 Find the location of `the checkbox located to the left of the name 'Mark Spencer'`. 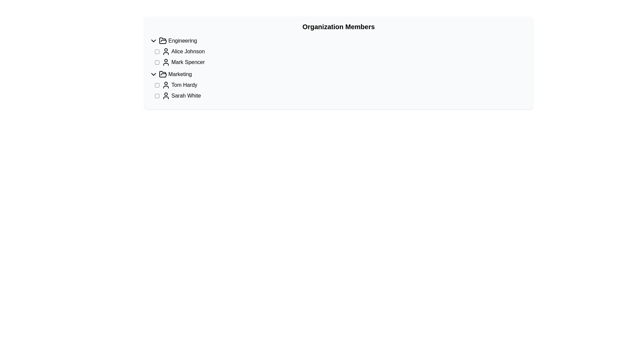

the checkbox located to the left of the name 'Mark Spencer' is located at coordinates (157, 62).